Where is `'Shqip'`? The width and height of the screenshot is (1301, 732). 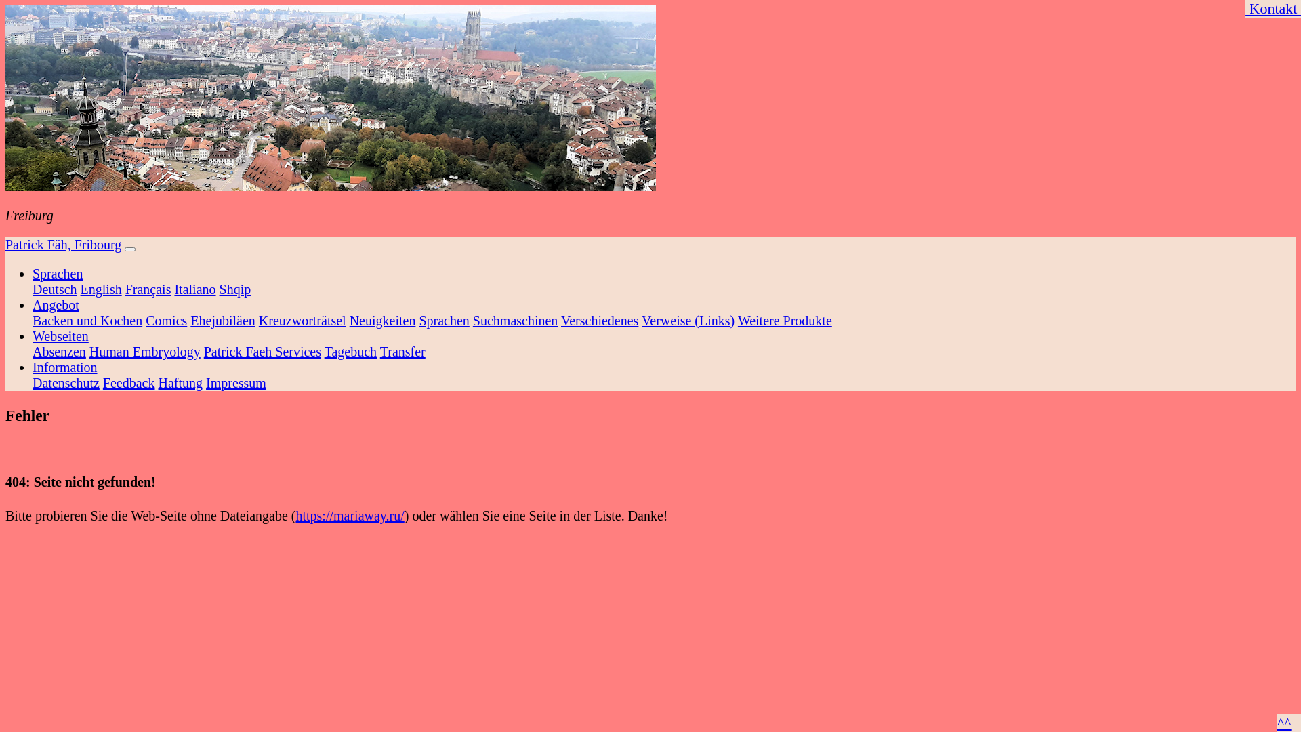 'Shqip' is located at coordinates (235, 289).